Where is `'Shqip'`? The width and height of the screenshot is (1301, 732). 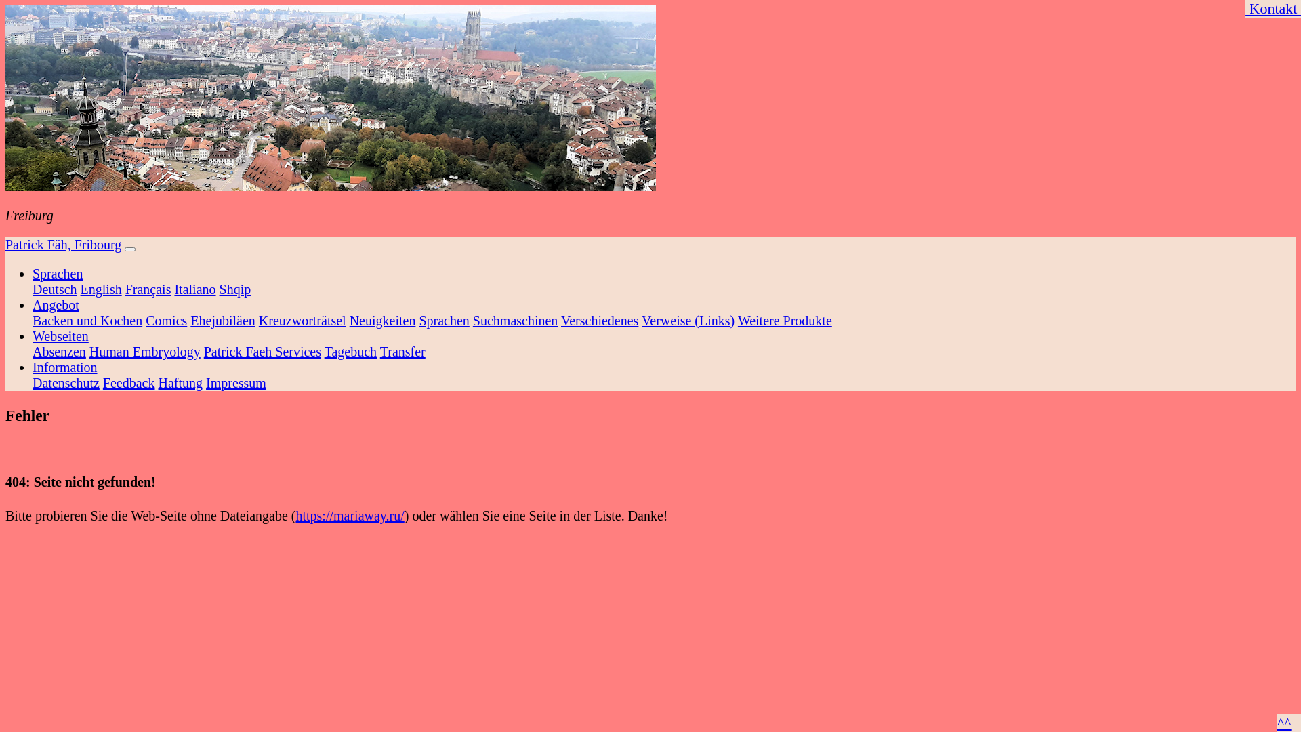 'Shqip' is located at coordinates (235, 289).